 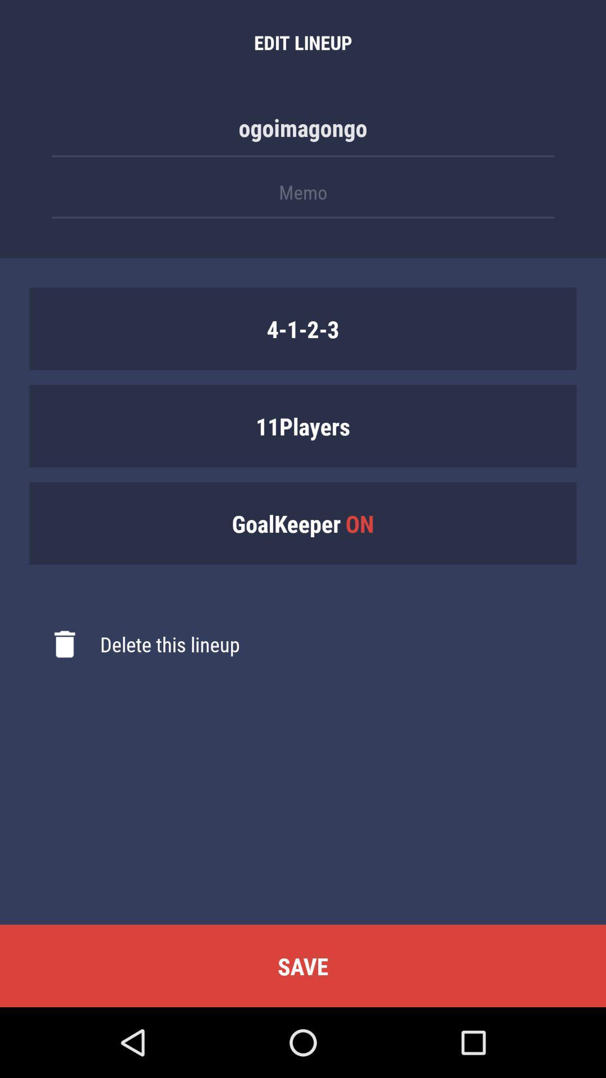 I want to click on icon above the goalkeeper, so click(x=303, y=425).